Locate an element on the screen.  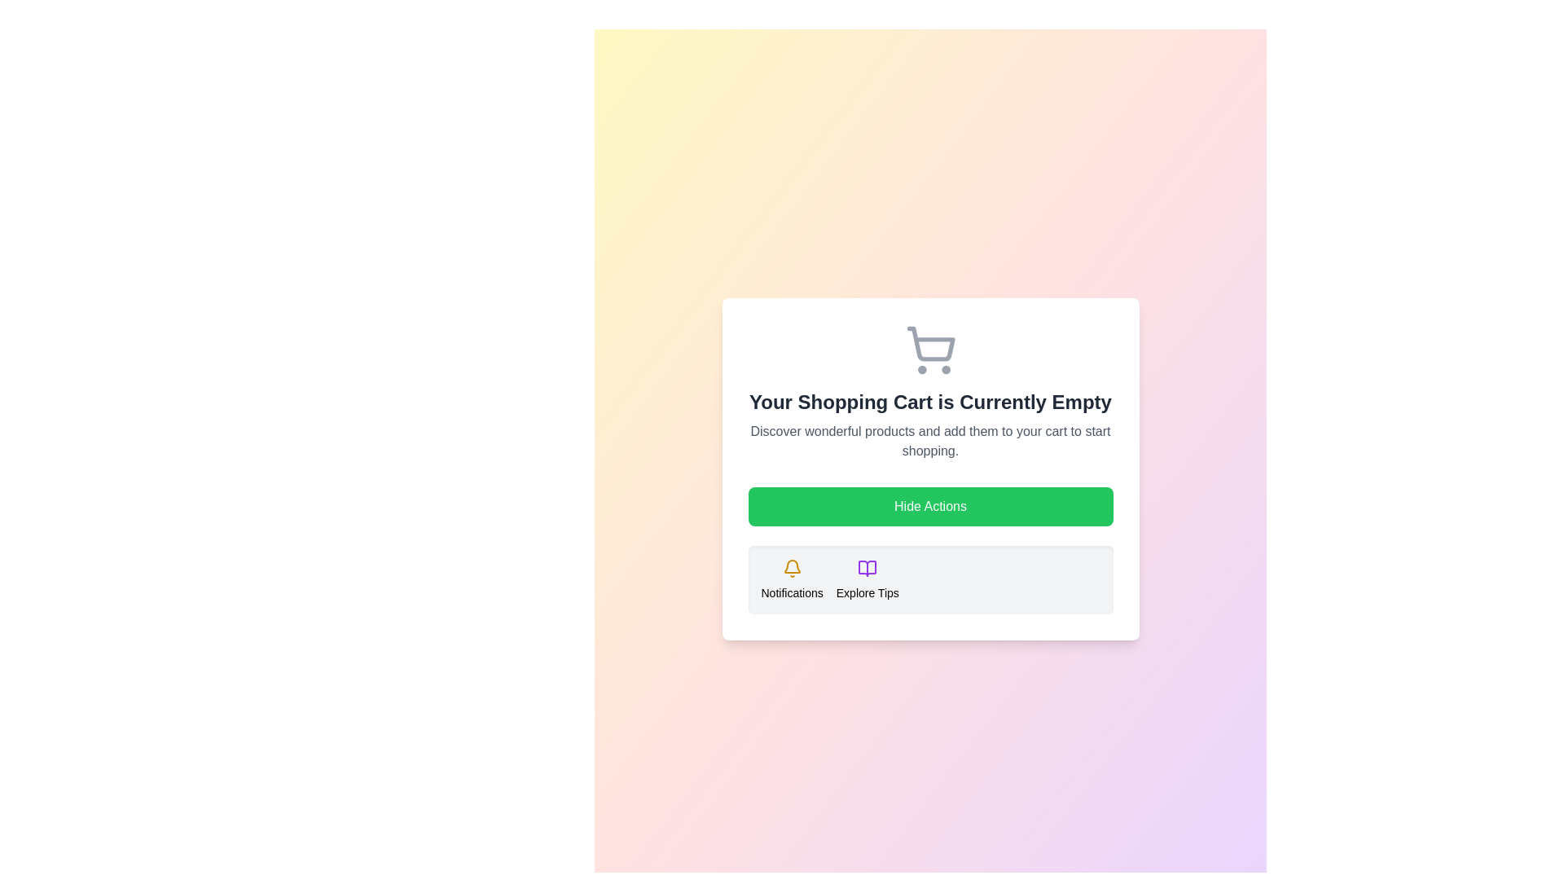
informative text label located beneath the heading 'Your Shopping Cart is Currently Empty' and above the 'Hide Actions' button is located at coordinates (930, 442).